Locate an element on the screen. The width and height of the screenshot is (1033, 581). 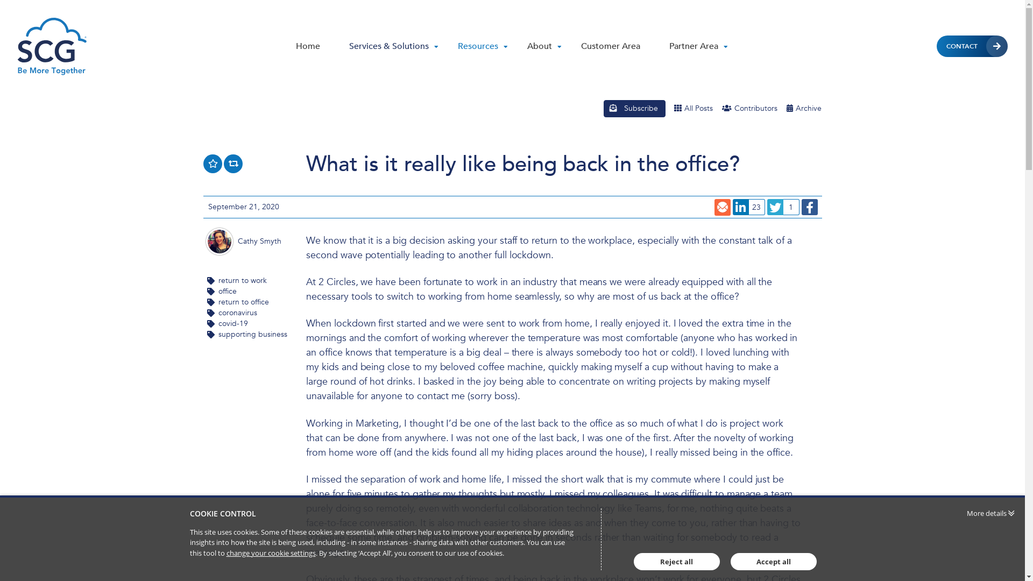
'supporting business' is located at coordinates (252, 334).